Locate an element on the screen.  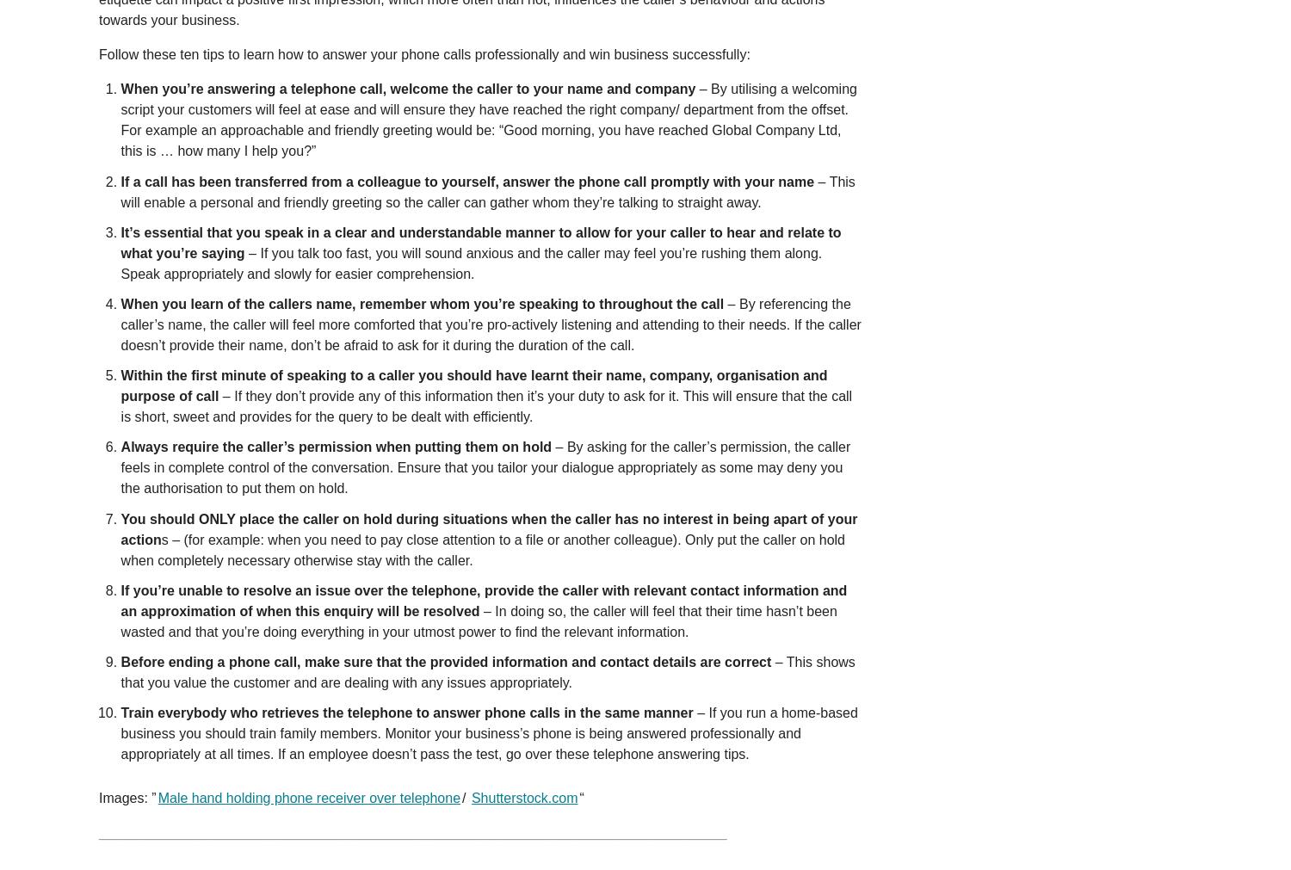
'– By utilising a welcoming script your customers will feel at ease and will ensure they have reached the right company/ department from the offset. For example an approachable and friendly greeting would be: “Good morning, you have reached Global Company Ltd, this is … how many I help you?”' is located at coordinates (487, 119).